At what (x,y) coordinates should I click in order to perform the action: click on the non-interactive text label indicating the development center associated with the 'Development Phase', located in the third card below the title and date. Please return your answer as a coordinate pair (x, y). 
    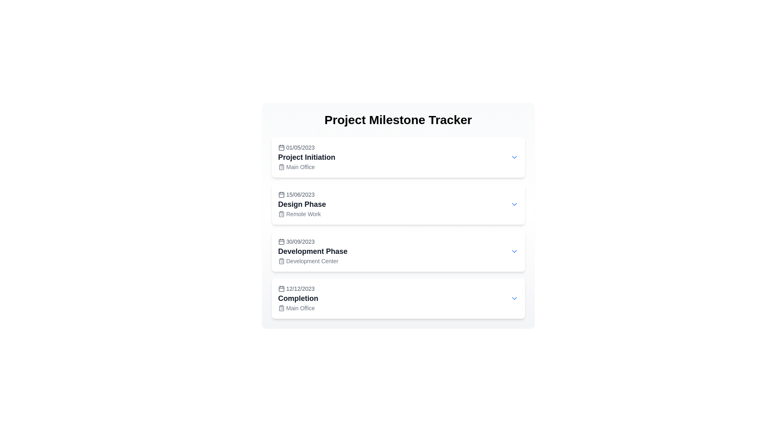
    Looking at the image, I should click on (312, 261).